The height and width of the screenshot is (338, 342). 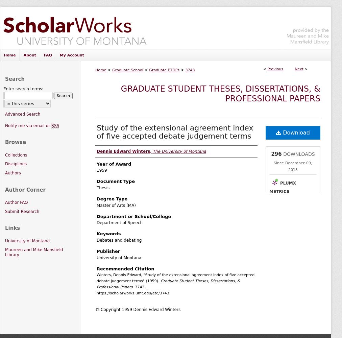 I want to click on 'Thesis', so click(x=96, y=188).